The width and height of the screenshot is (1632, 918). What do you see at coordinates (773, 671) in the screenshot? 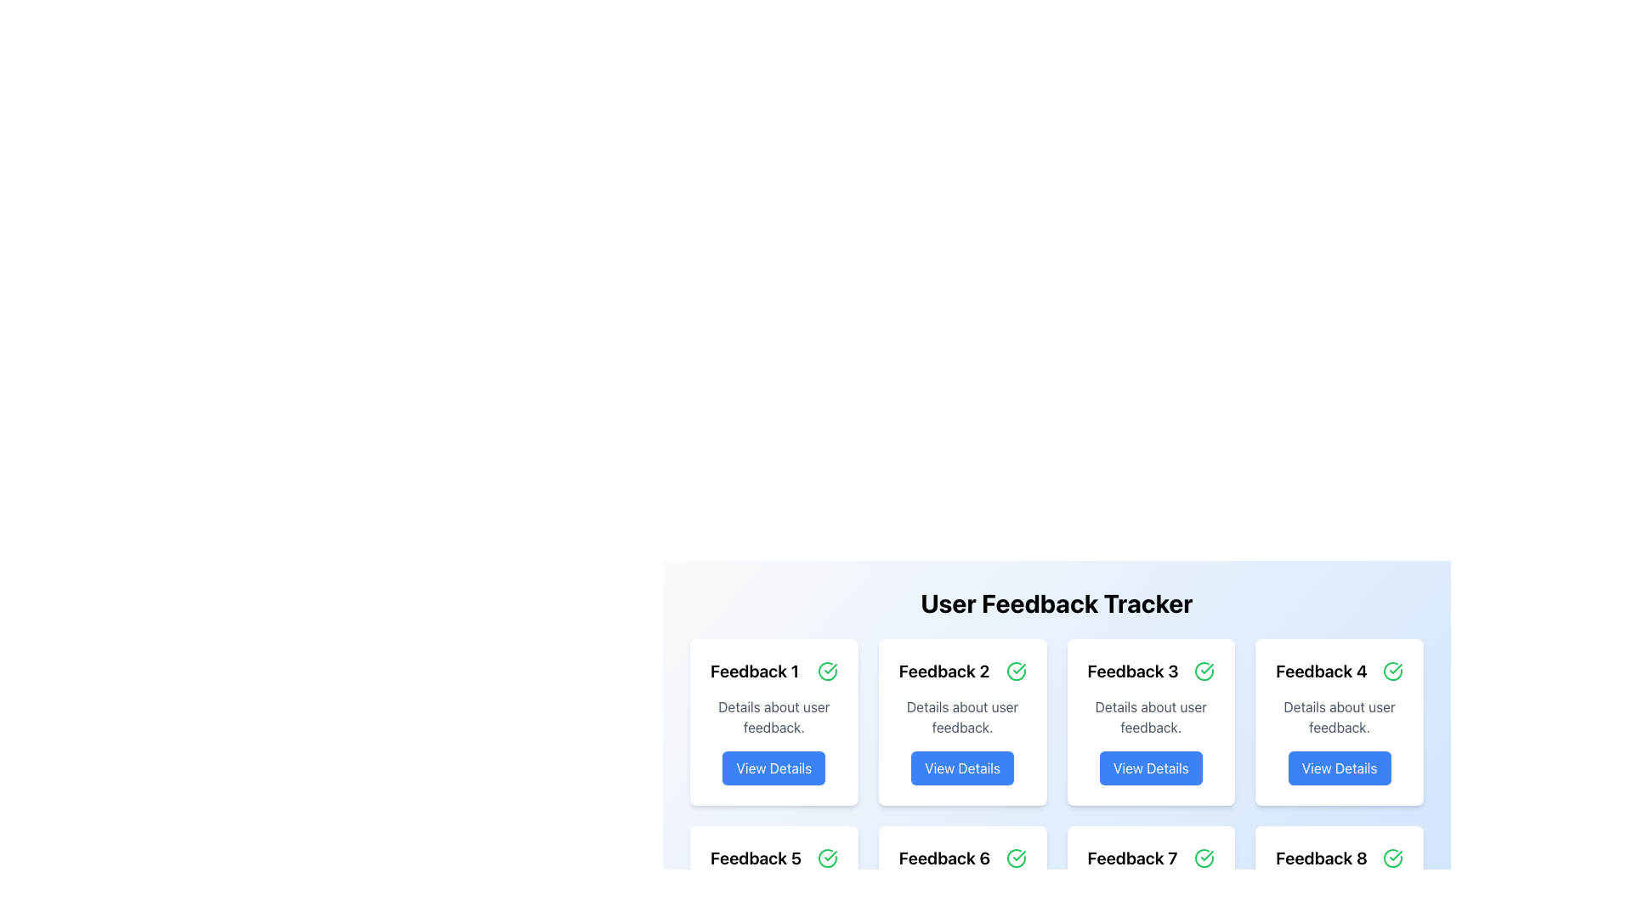
I see `text 'Feedback 1' from the primary title component located in the top-left section of the first row of the grid layout, which includes a green checkmark icon` at bounding box center [773, 671].